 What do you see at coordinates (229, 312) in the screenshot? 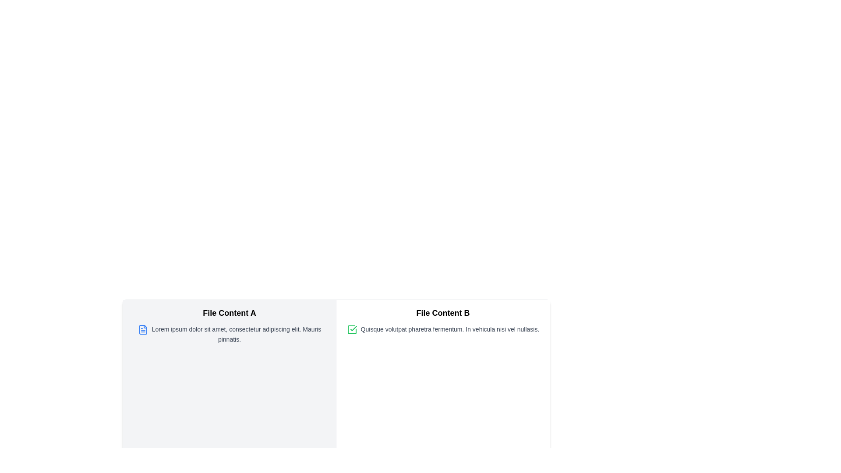
I see `text label 'File Content A' which is a bold and larger font heading located at the top of the left-hand content panel` at bounding box center [229, 312].